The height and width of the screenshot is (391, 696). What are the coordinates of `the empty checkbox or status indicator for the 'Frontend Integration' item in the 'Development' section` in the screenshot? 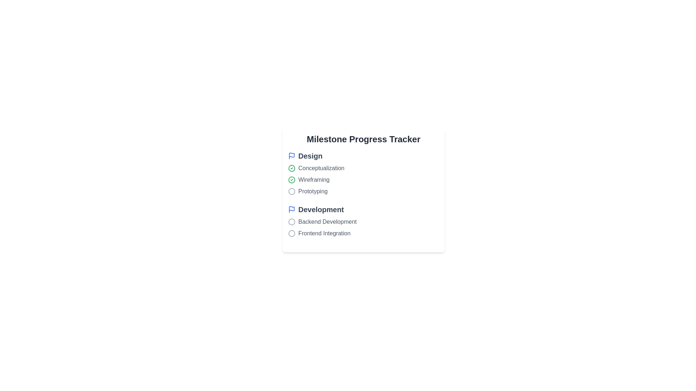 It's located at (292, 233).